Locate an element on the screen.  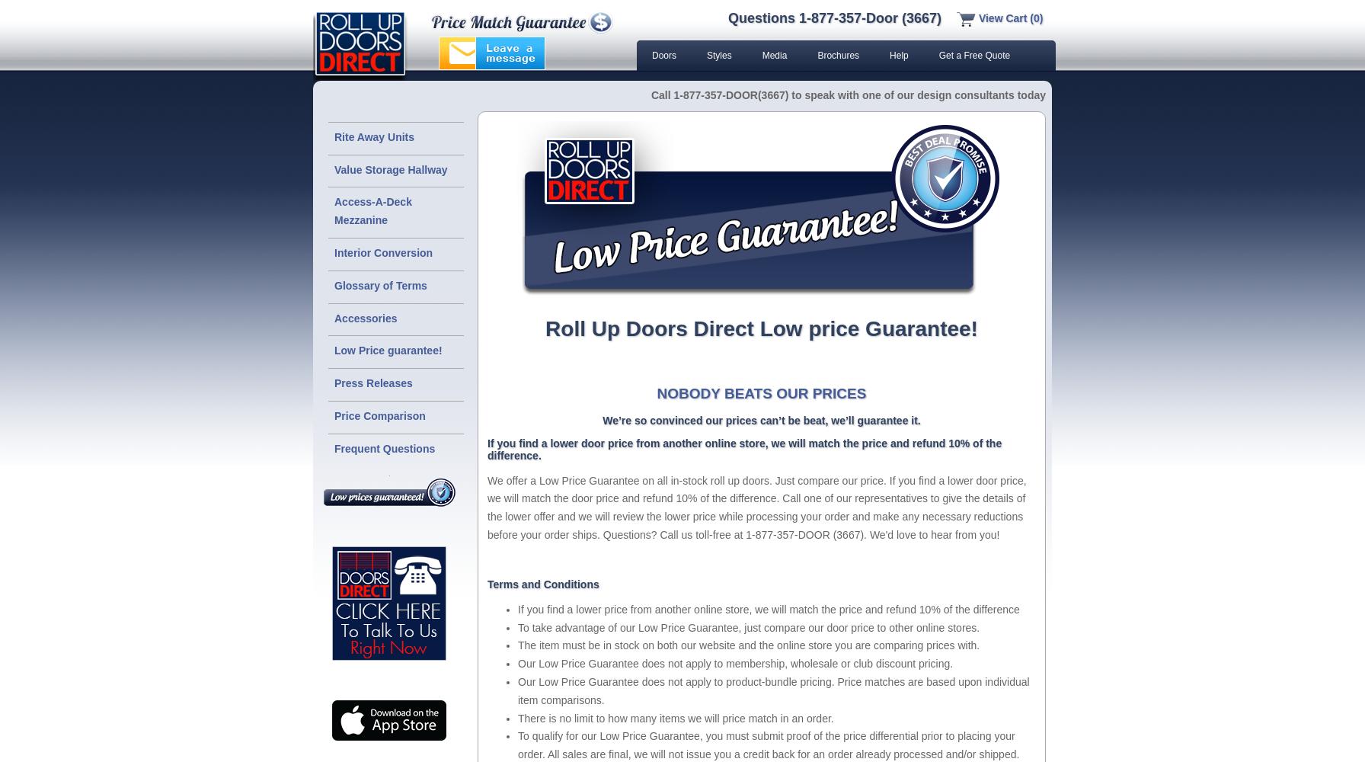
'NOBODY BEATS OUR PRICES' is located at coordinates (761, 392).